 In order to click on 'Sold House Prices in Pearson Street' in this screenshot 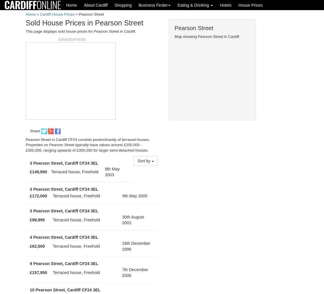, I will do `click(84, 23)`.